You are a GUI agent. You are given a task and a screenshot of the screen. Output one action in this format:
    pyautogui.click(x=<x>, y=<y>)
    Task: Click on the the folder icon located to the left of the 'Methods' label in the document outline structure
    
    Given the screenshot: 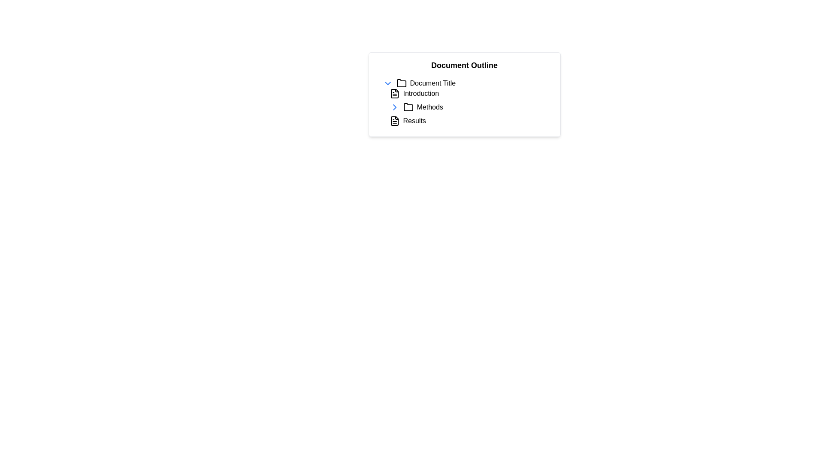 What is the action you would take?
    pyautogui.click(x=408, y=107)
    